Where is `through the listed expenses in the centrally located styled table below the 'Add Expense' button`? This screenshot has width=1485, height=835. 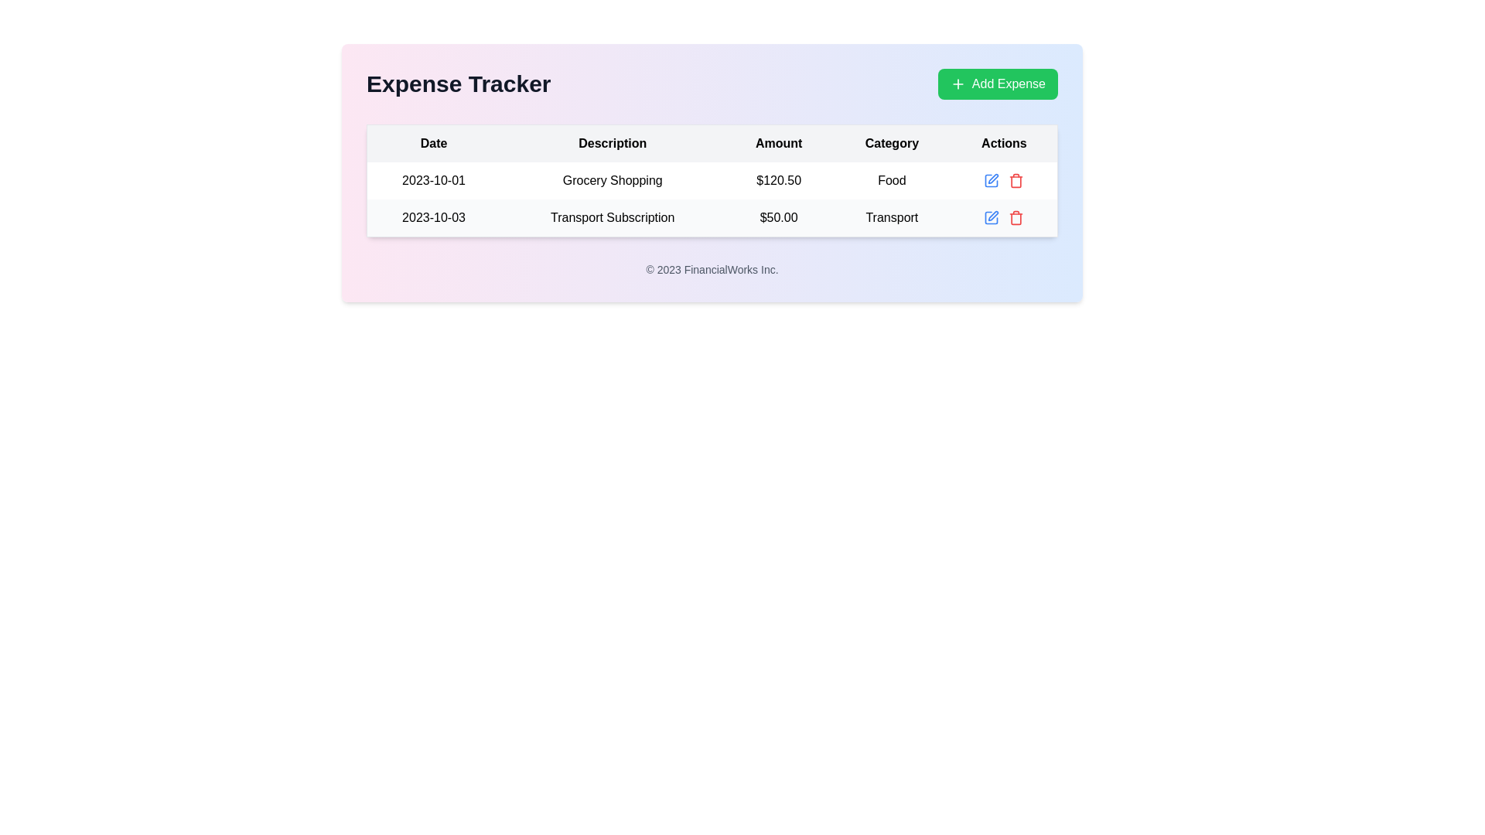
through the listed expenses in the centrally located styled table below the 'Add Expense' button is located at coordinates (712, 180).